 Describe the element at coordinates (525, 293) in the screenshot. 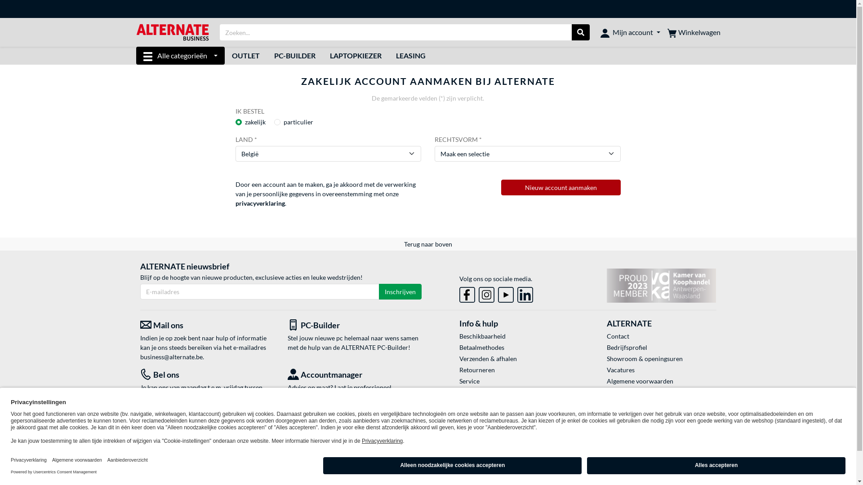

I see `'Linkedin'` at that location.